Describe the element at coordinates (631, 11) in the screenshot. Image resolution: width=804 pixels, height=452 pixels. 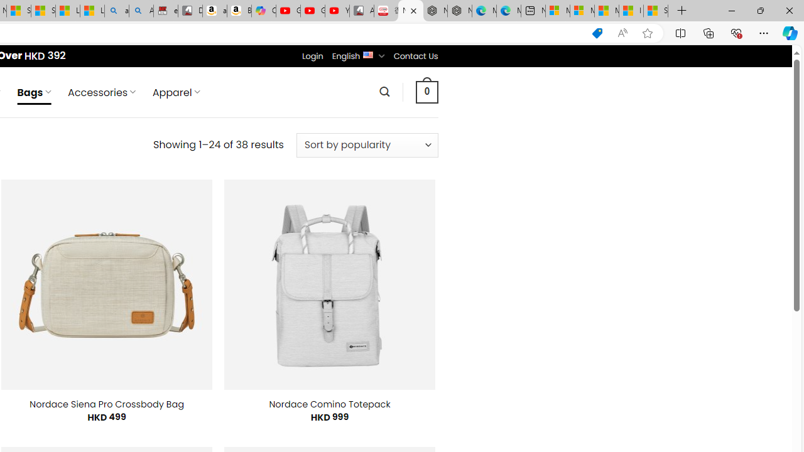
I see `'I Gained 20 Pounds of Muscle in 30 Days! | Watch'` at that location.